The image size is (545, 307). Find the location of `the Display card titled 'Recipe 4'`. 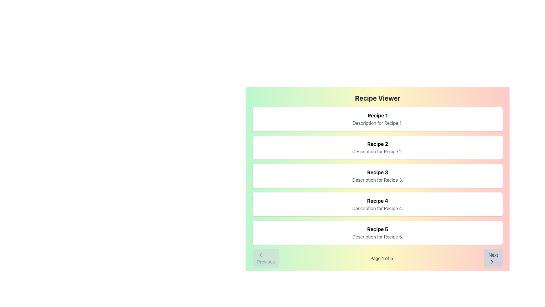

the Display card titled 'Recipe 4' is located at coordinates (378, 204).